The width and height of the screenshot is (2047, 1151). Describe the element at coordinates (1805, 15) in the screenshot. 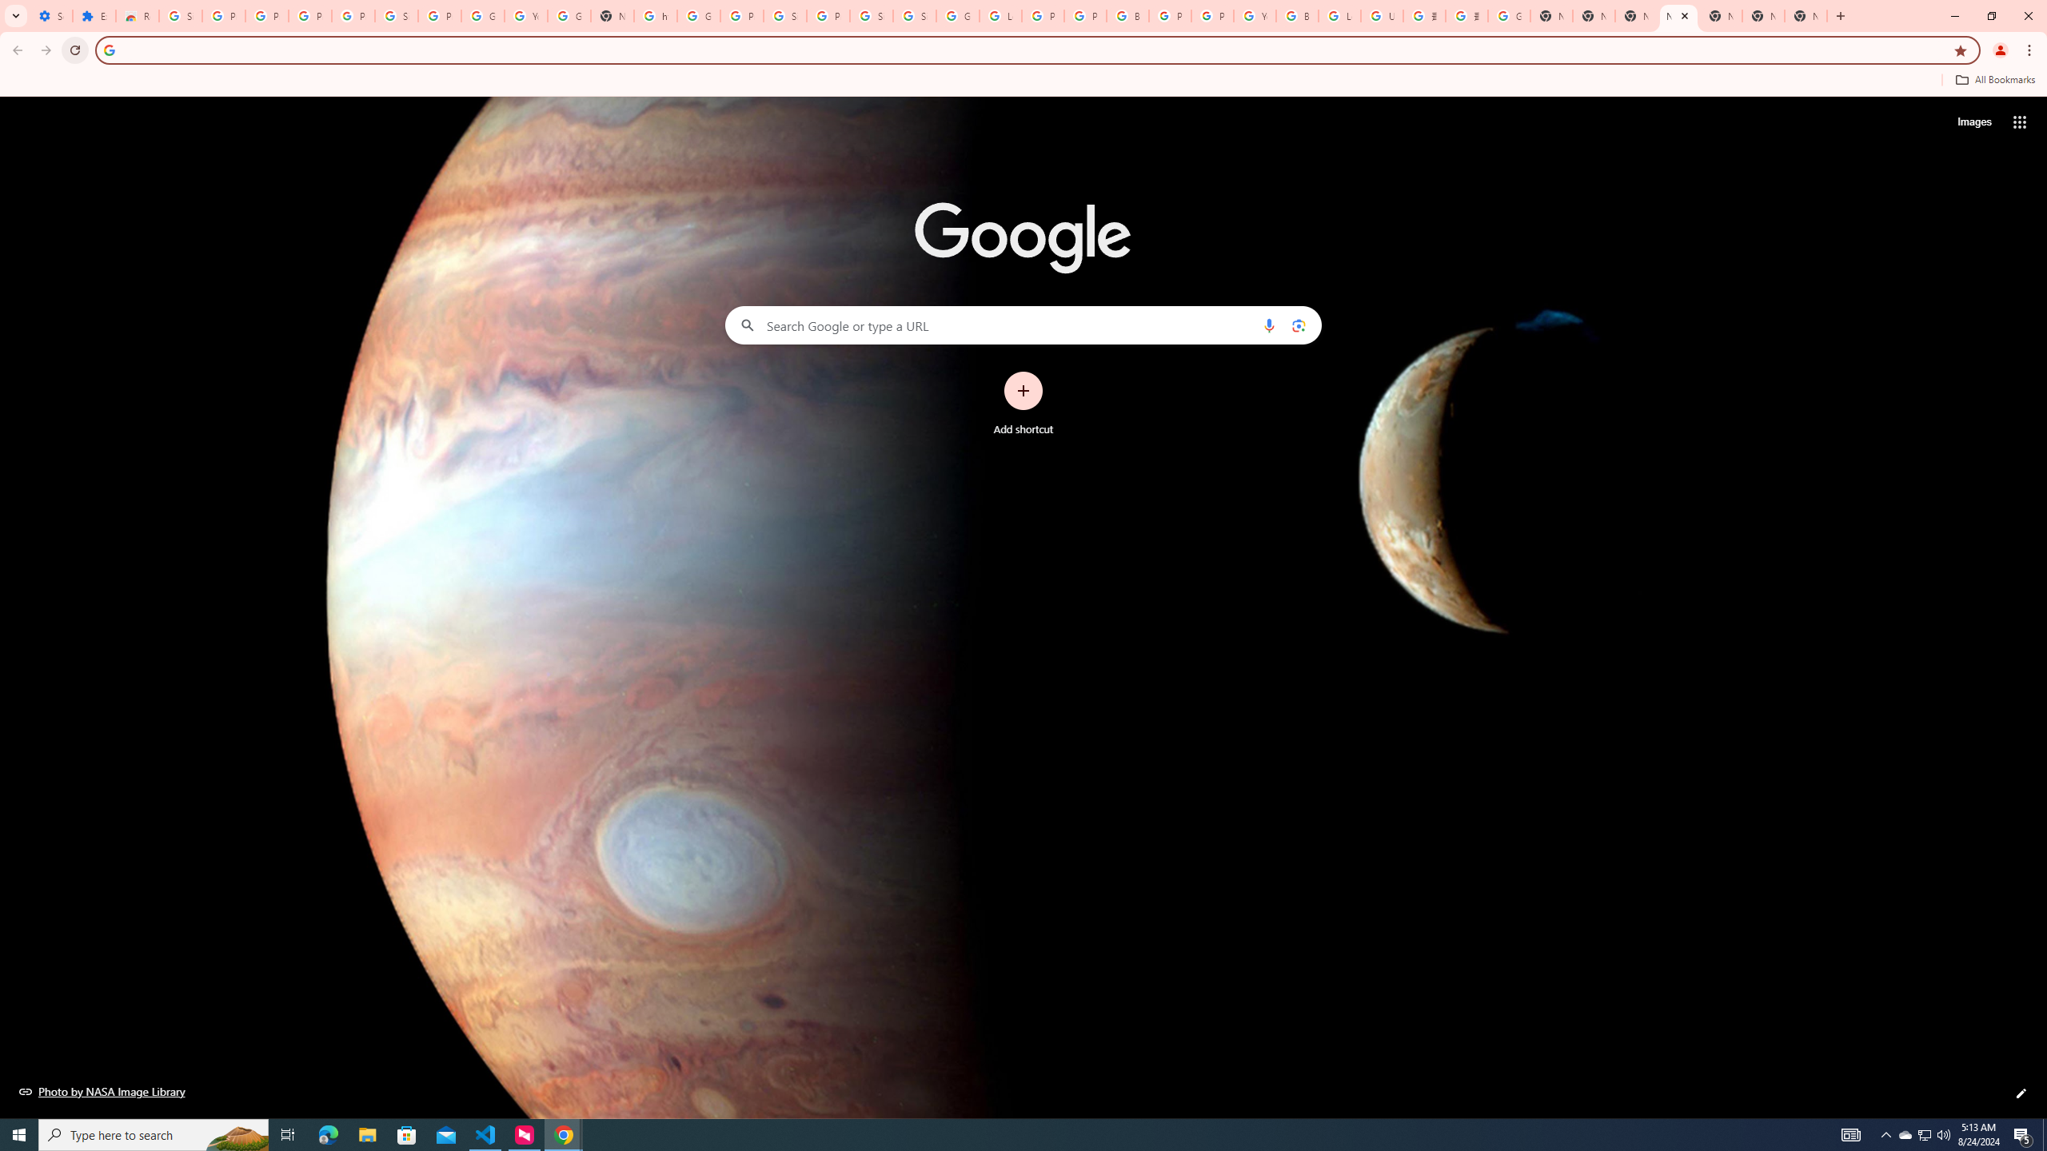

I see `'New Tab'` at that location.